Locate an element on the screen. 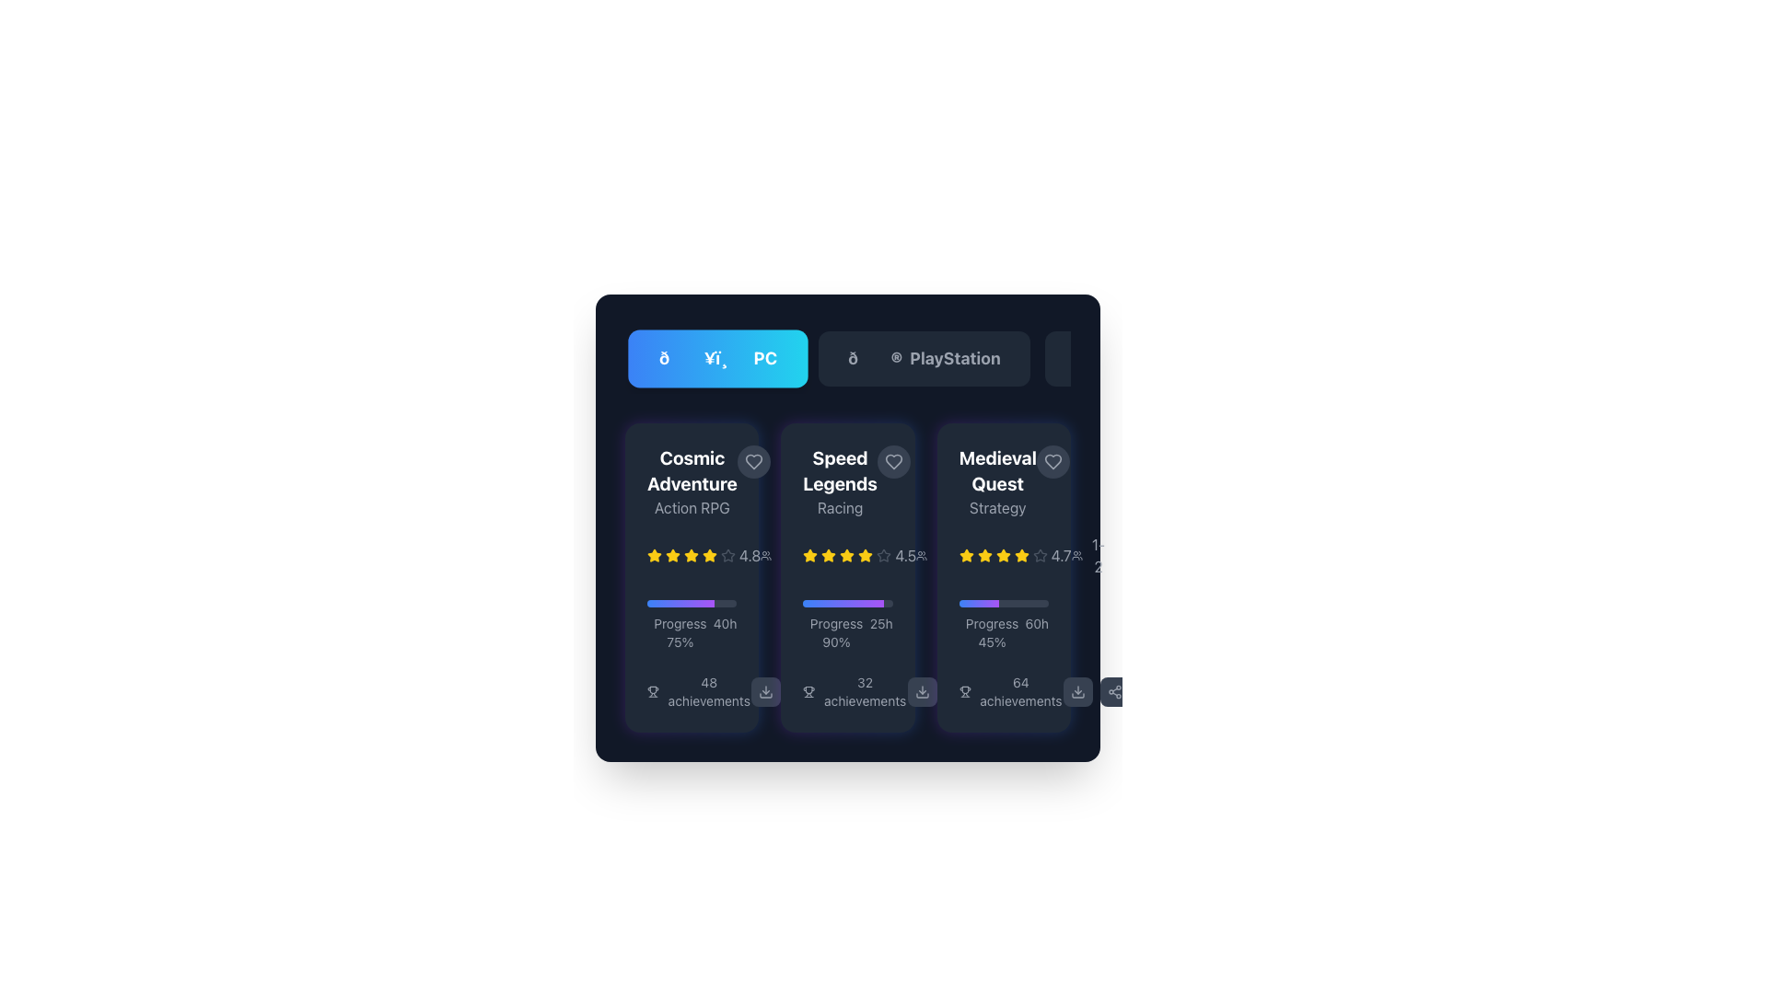 Image resolution: width=1768 pixels, height=994 pixels. the text label displaying '32 achievements' with a trophy icon, located at the bottom of the 'Speed Legends' card is located at coordinates (847, 692).